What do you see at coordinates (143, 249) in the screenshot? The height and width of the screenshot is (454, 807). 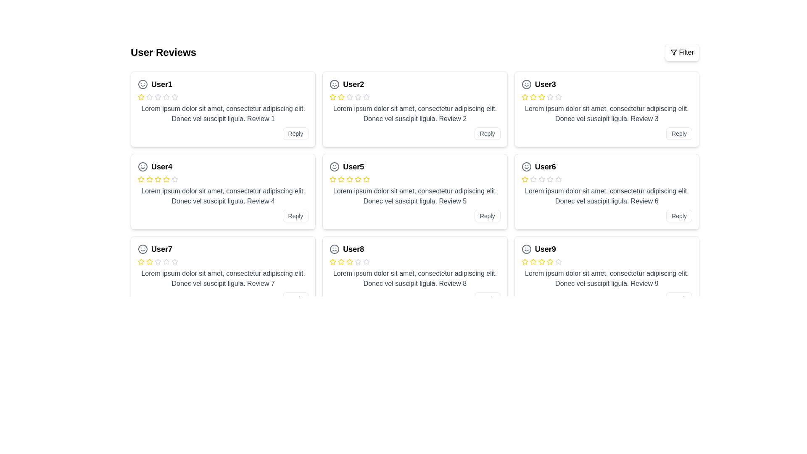 I see `the decorative smiley face vector graphic icon located to the left of the user information for 'User7' in the card's header` at bounding box center [143, 249].